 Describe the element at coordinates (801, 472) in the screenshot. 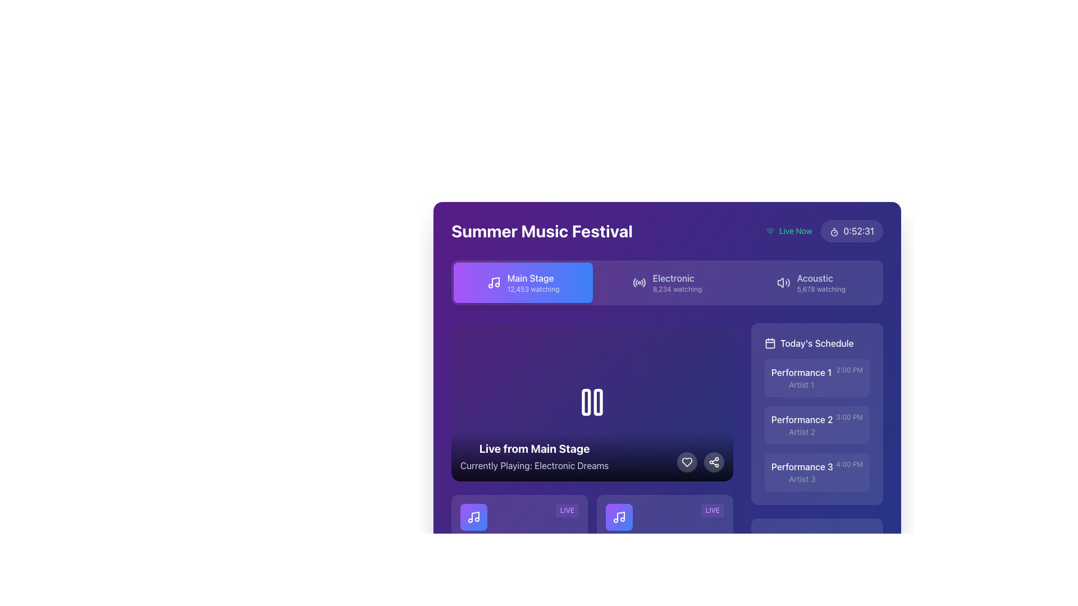

I see `the text element displaying the event title 'Performance 3' and artist 'Artist 3', which is the third entry in the 'Today's Schedule' section` at that location.